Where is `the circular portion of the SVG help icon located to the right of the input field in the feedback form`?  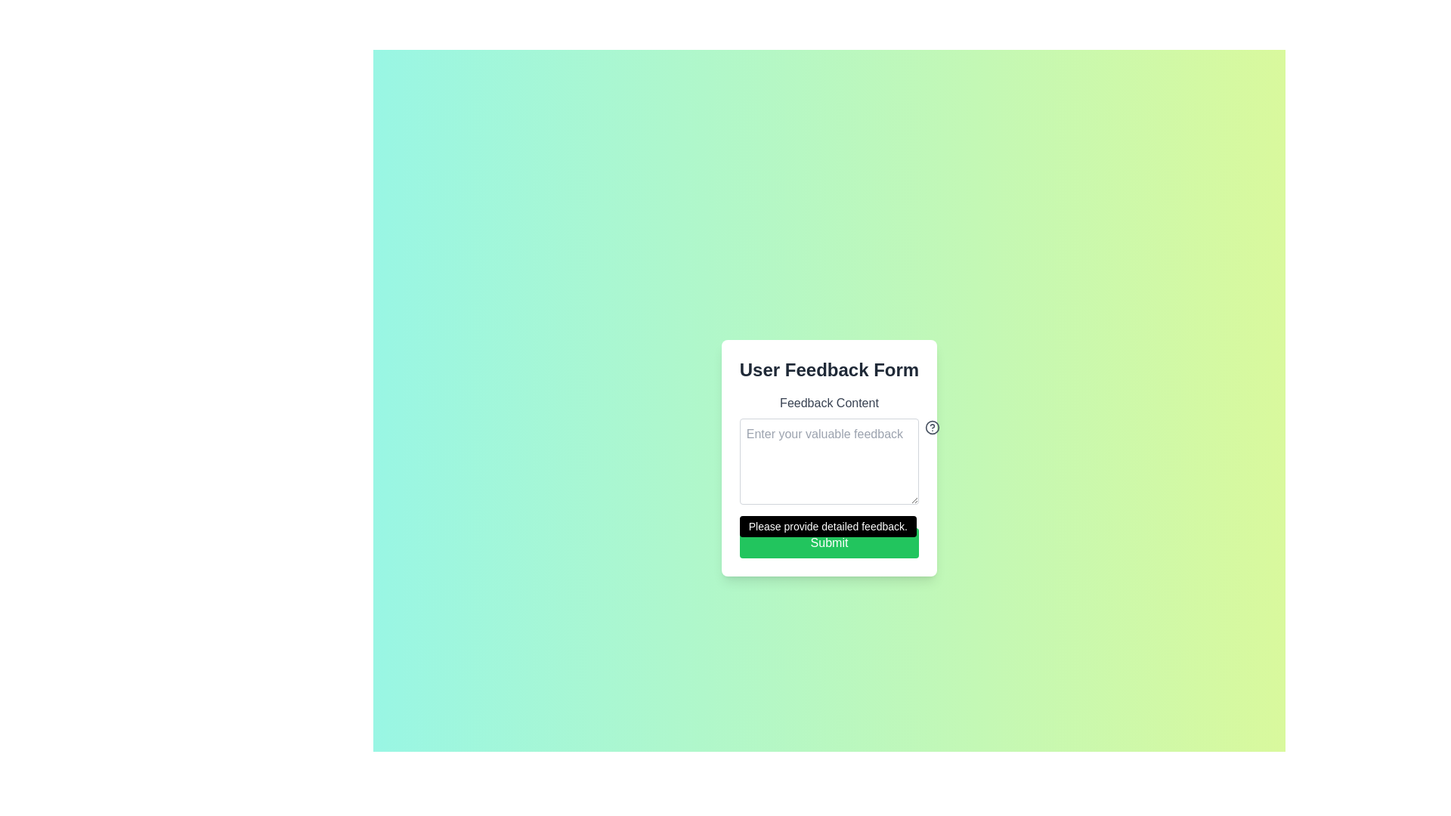 the circular portion of the SVG help icon located to the right of the input field in the feedback form is located at coordinates (932, 428).